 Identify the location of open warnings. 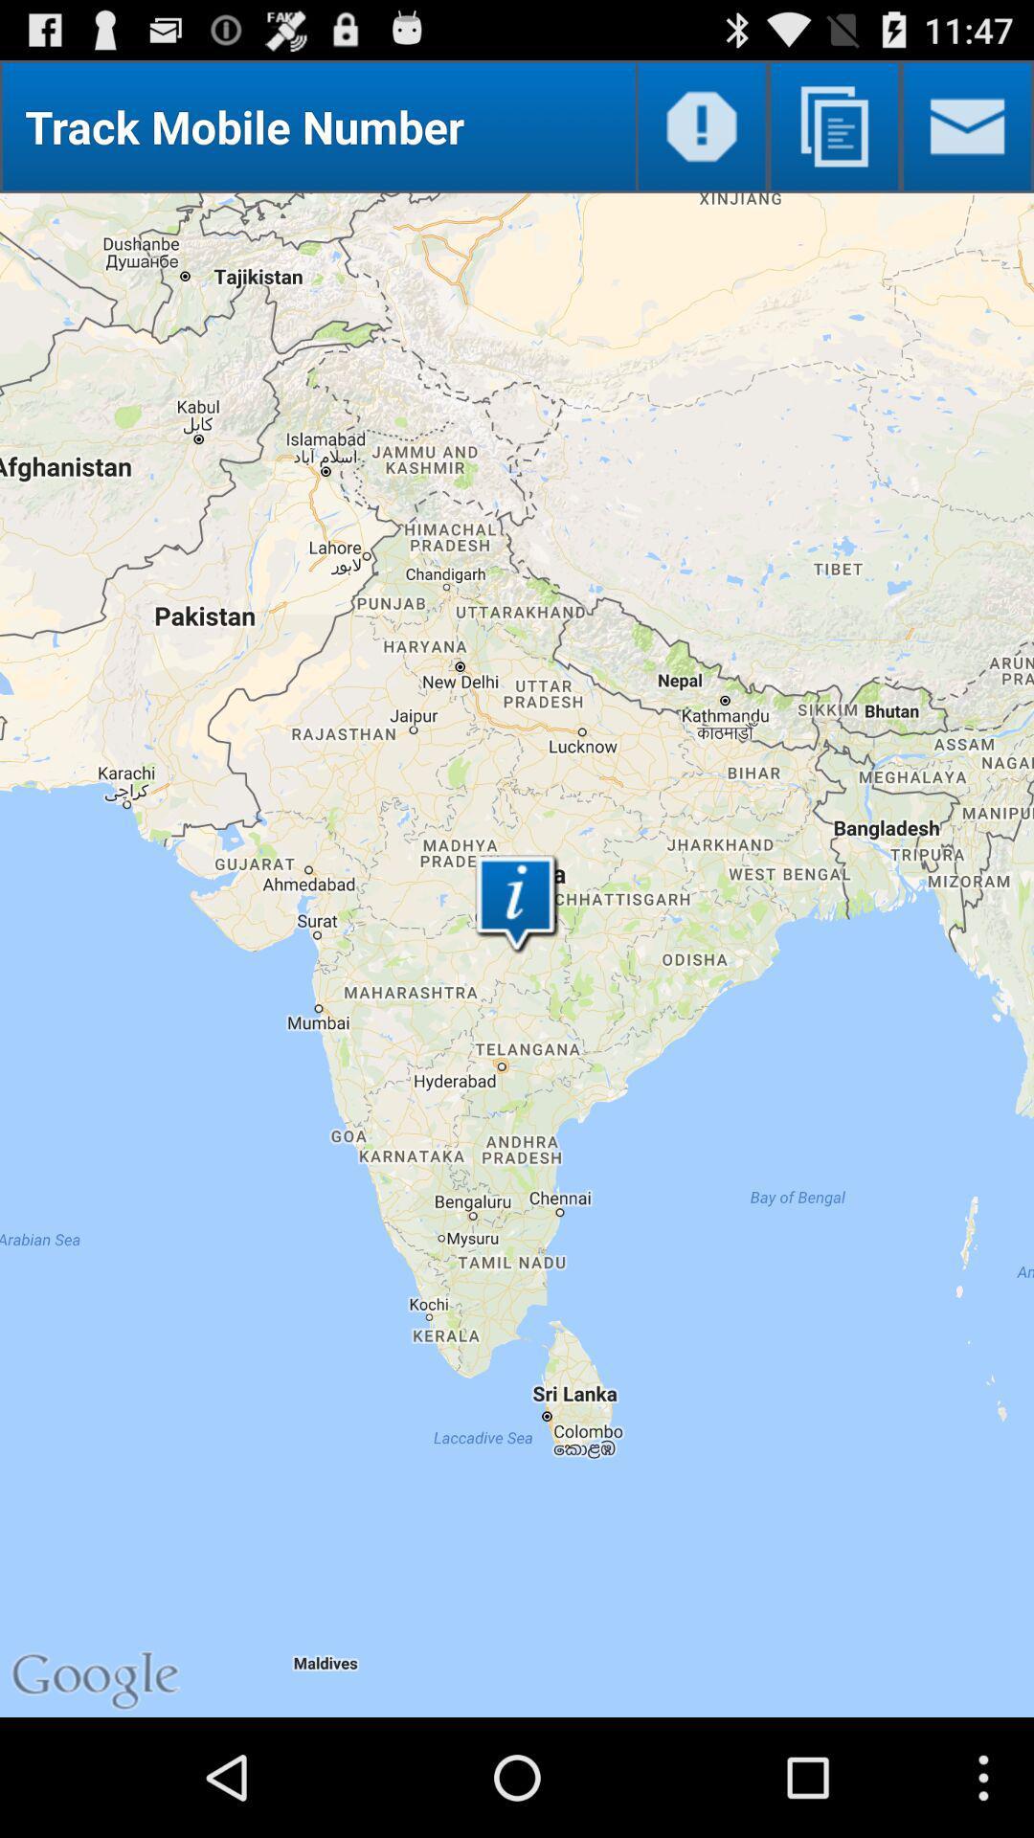
(702, 125).